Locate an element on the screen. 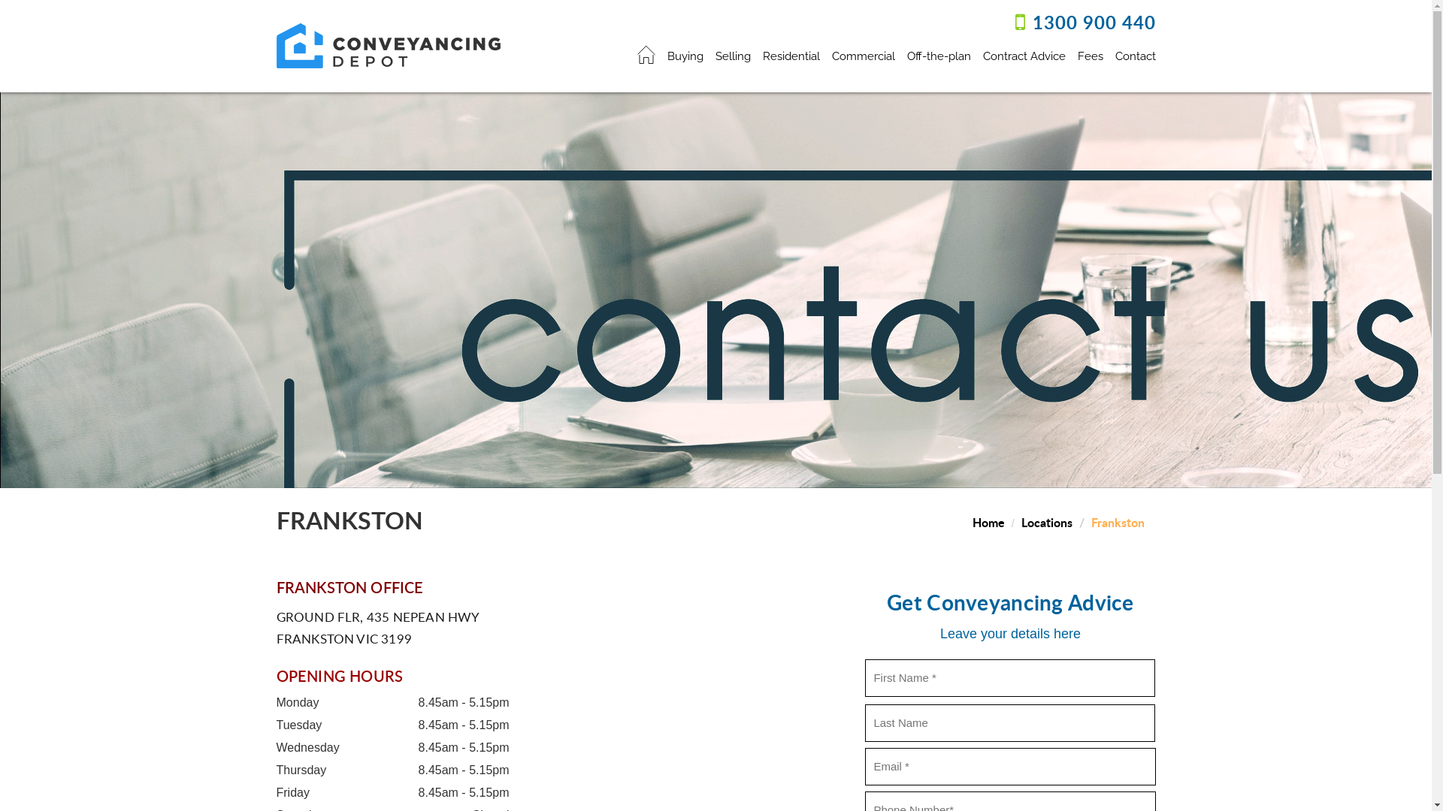 The width and height of the screenshot is (1443, 811). 'Buying' is located at coordinates (685, 53).